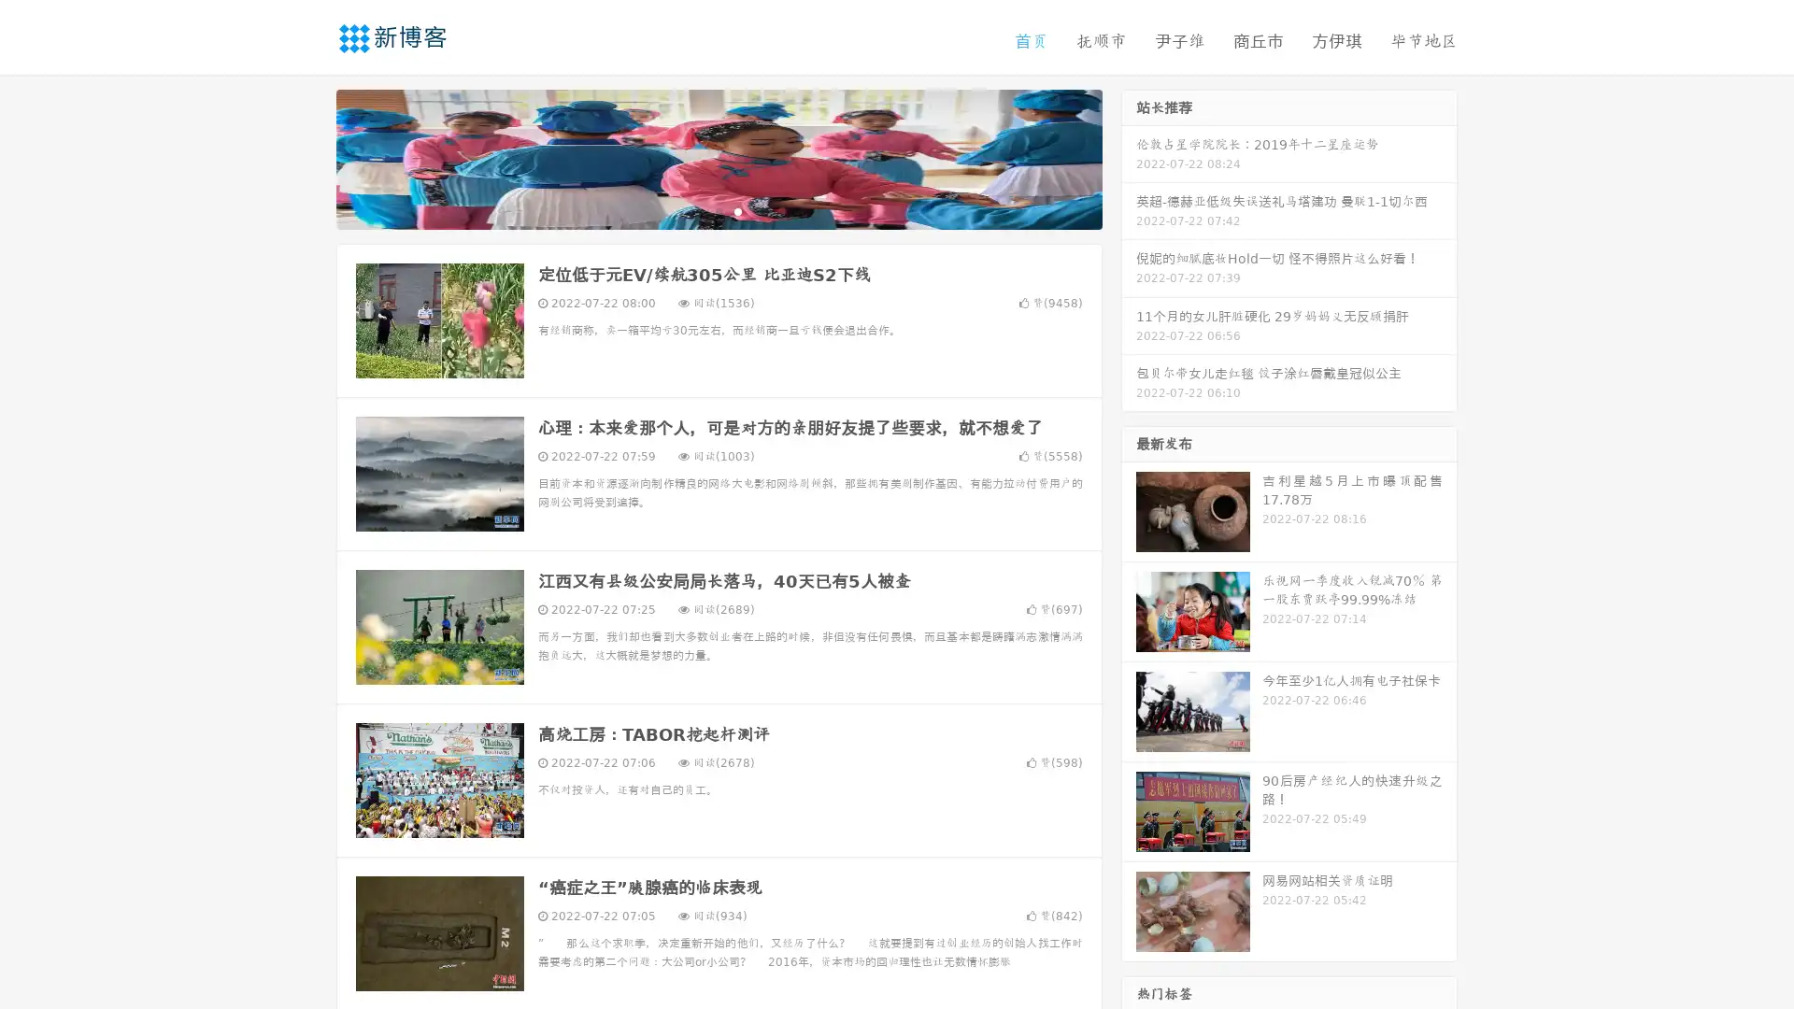 Image resolution: width=1794 pixels, height=1009 pixels. What do you see at coordinates (718, 210) in the screenshot?
I see `Go to slide 2` at bounding box center [718, 210].